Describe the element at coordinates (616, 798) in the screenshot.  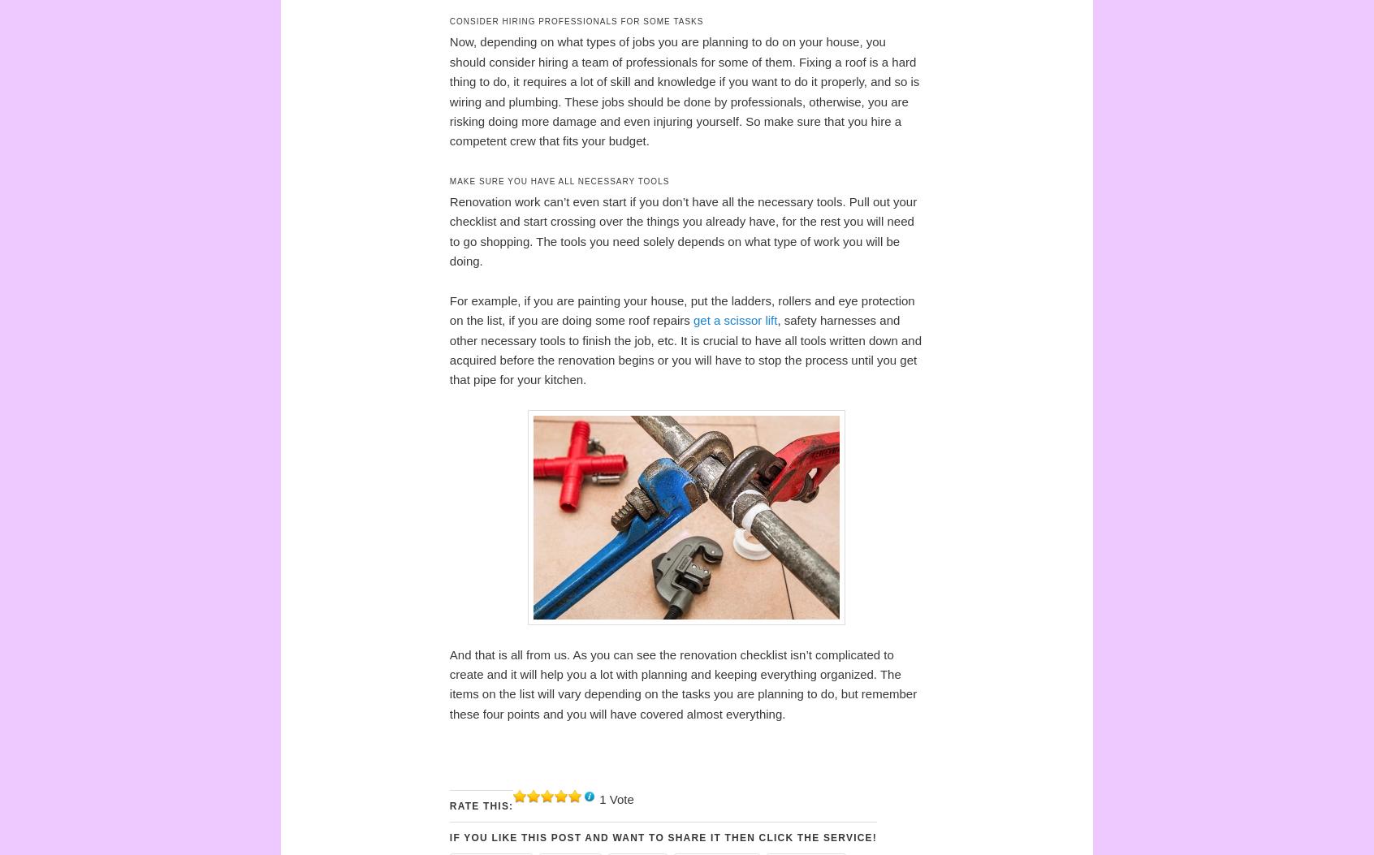
I see `'1 Vote'` at that location.